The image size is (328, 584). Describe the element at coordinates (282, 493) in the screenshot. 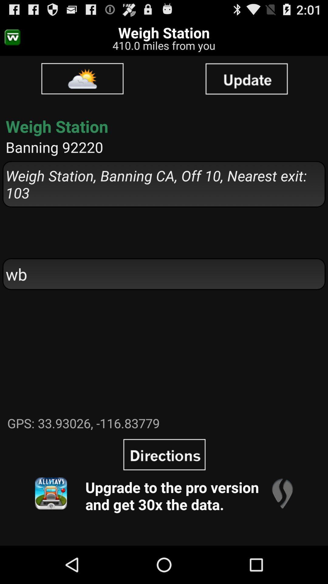

I see `the app next to the upgrade to the app` at that location.